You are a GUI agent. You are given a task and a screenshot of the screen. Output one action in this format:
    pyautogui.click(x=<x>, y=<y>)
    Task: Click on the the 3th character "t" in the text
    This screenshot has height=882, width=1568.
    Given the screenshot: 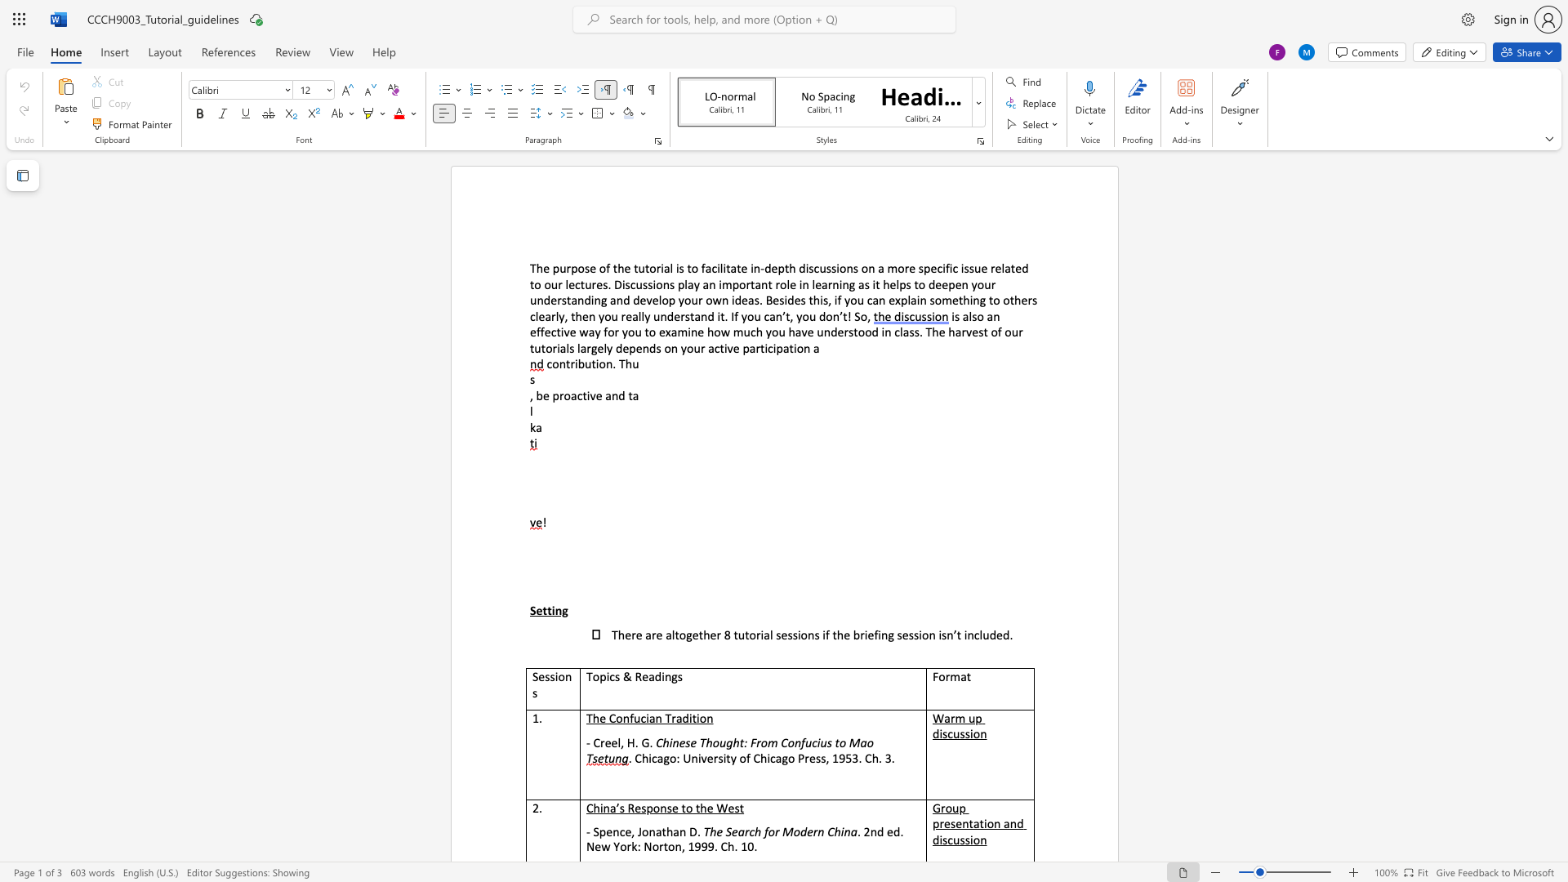 What is the action you would take?
    pyautogui.click(x=568, y=300)
    